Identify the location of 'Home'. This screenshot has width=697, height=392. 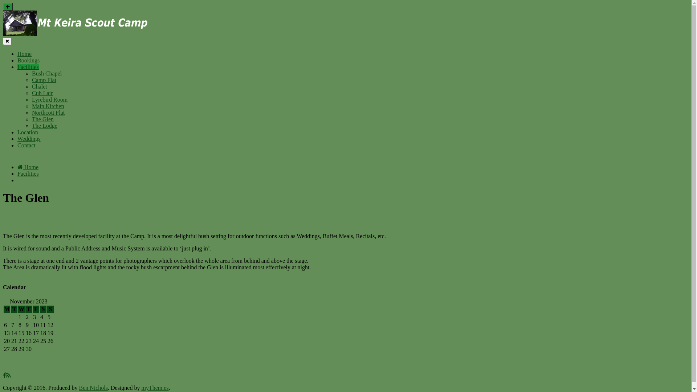
(24, 53).